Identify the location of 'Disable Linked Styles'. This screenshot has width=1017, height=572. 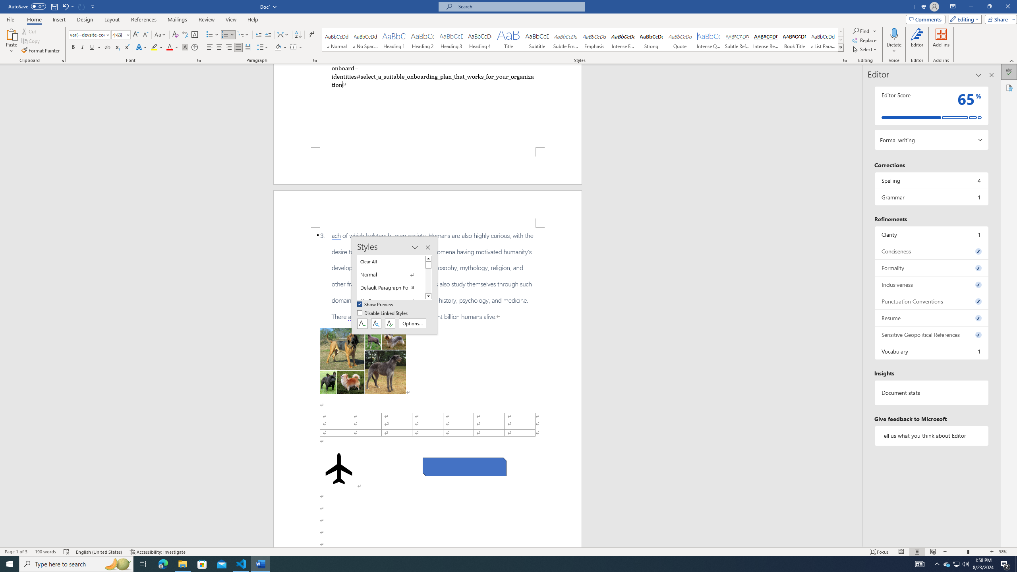
(382, 313).